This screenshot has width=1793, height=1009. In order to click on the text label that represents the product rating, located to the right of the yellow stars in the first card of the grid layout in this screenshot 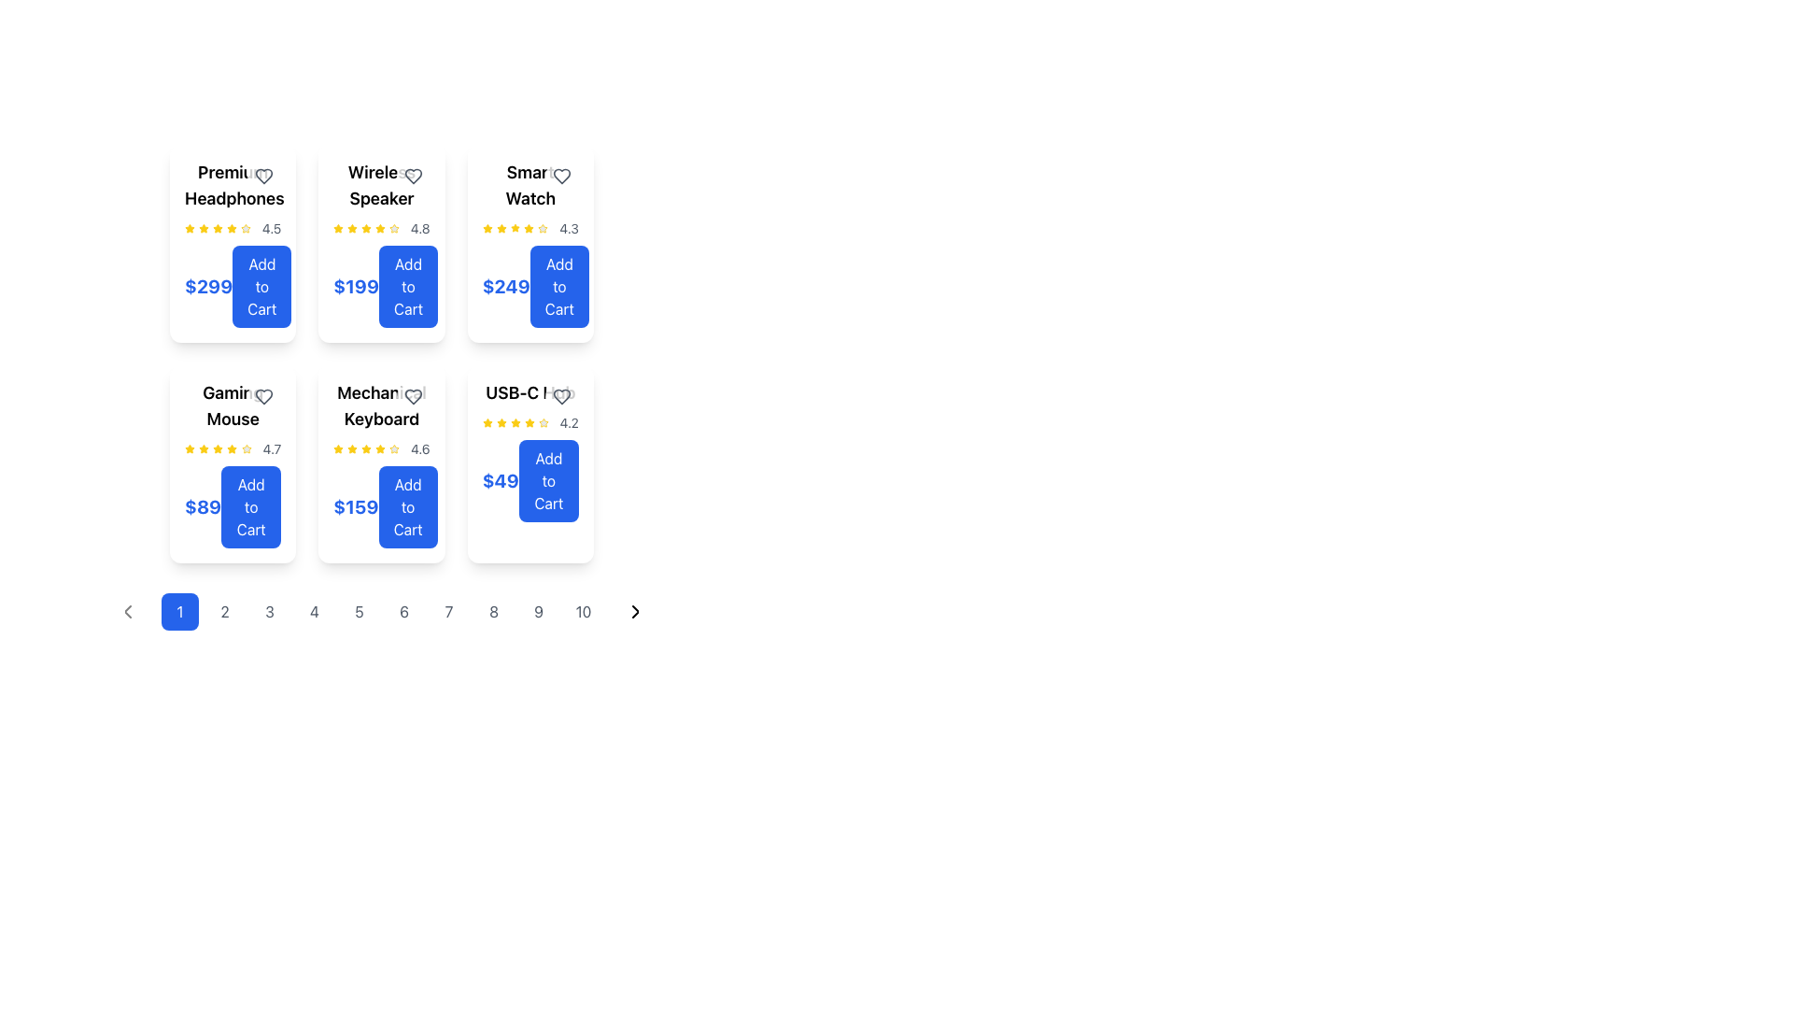, I will do `click(271, 228)`.